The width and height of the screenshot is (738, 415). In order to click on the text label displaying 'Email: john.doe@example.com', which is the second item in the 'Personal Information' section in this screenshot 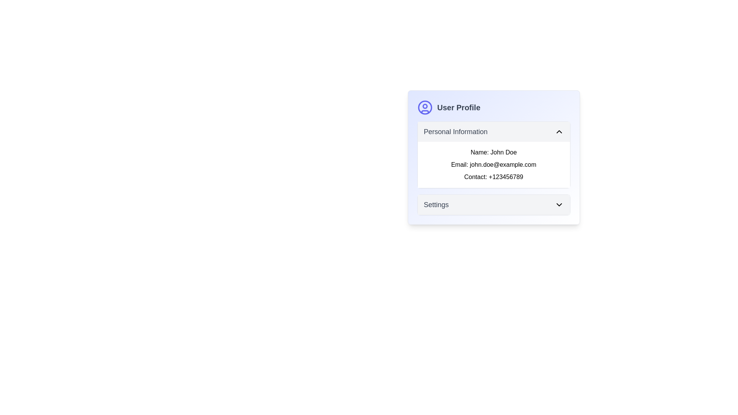, I will do `click(494, 164)`.